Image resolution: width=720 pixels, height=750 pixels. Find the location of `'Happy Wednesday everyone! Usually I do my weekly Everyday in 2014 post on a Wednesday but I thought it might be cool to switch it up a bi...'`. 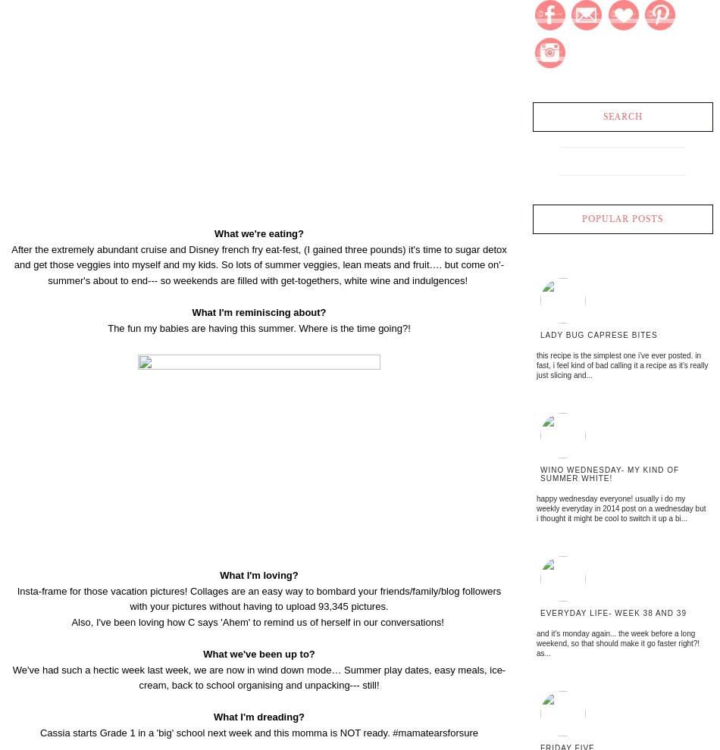

'Happy Wednesday everyone! Usually I do my weekly Everyday in 2014 post on a Wednesday but I thought it might be cool to switch it up a bi...' is located at coordinates (620, 508).